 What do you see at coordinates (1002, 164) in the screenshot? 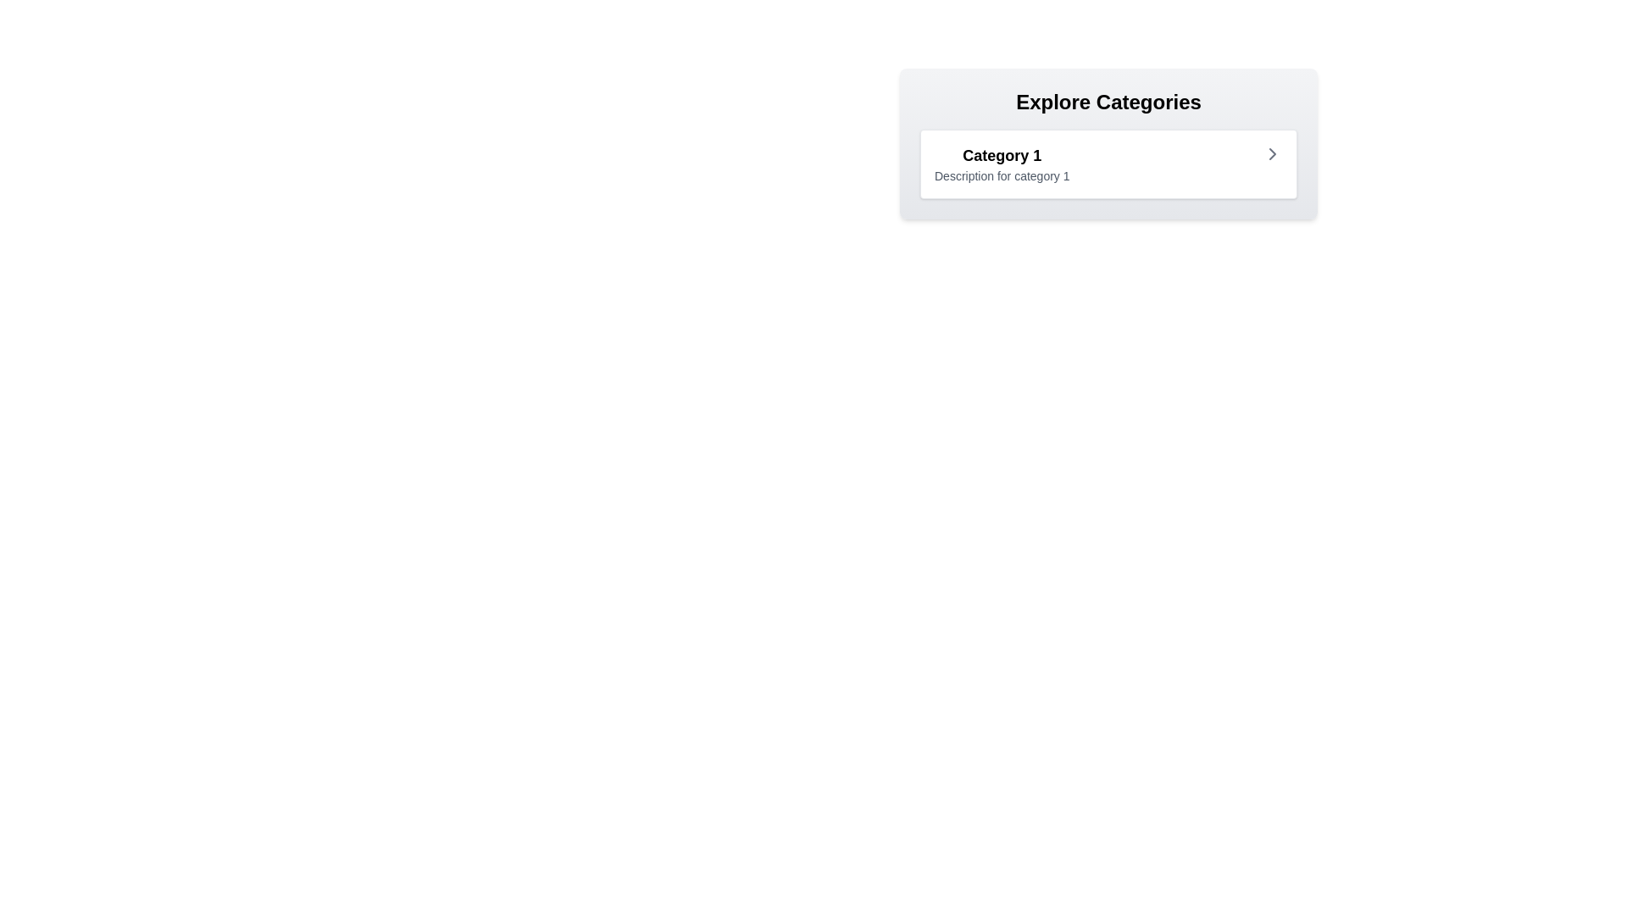
I see `the Information display block titled 'Category 1' which contains the description 'Description for category 1', located under the heading 'Explore Categories'` at bounding box center [1002, 164].